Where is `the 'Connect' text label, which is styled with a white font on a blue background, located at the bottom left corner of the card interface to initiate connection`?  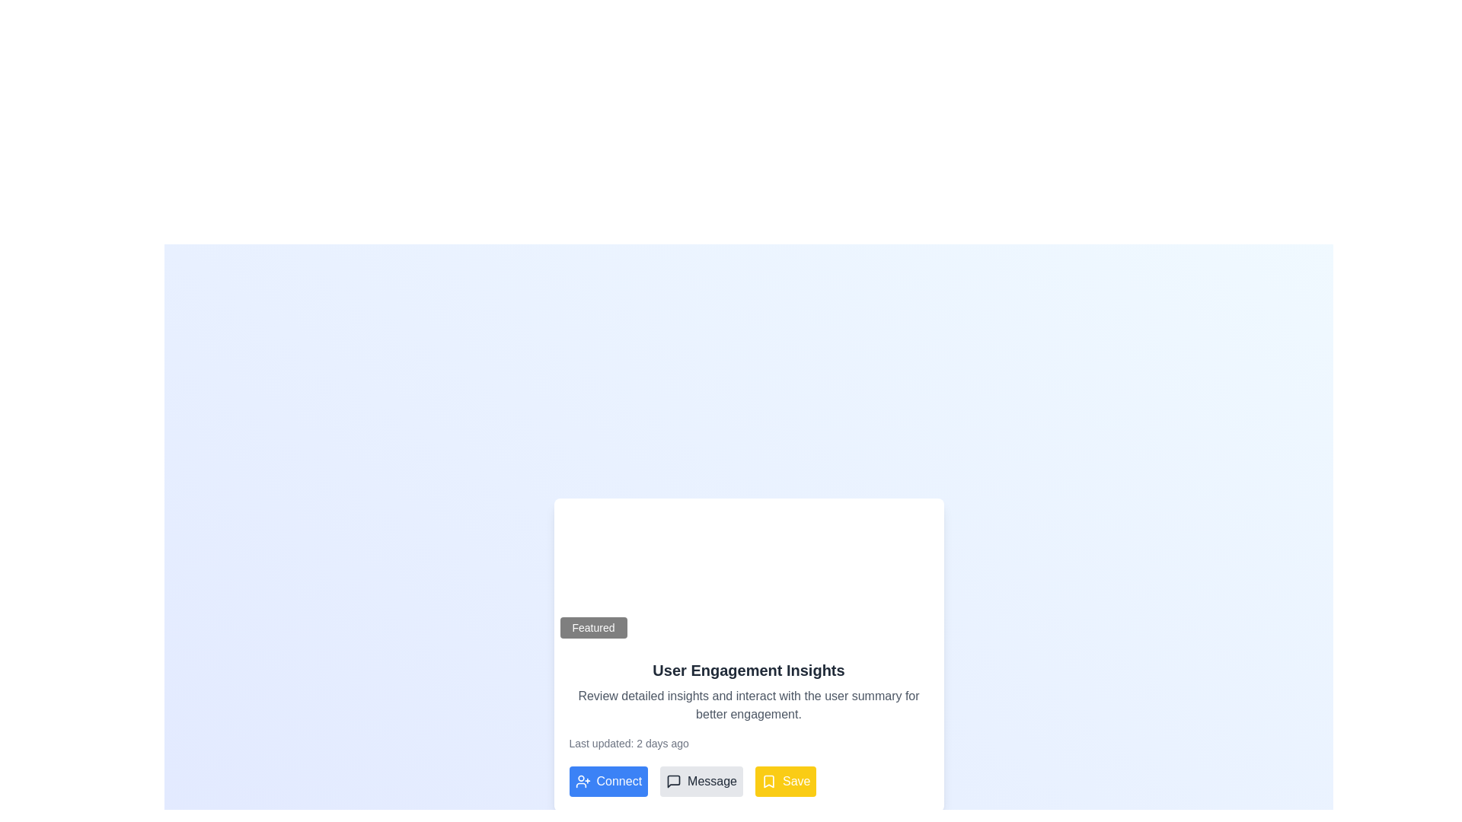
the 'Connect' text label, which is styled with a white font on a blue background, located at the bottom left corner of the card interface to initiate connection is located at coordinates (619, 781).